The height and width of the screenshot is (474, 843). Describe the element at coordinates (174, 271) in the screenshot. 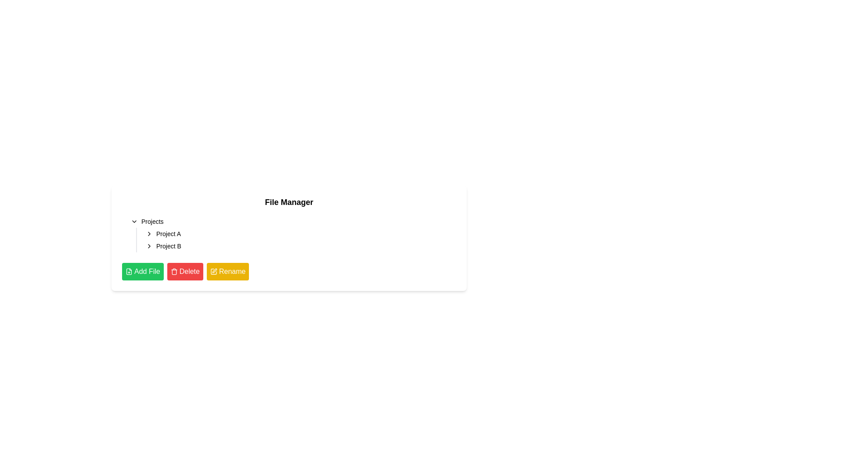

I see `the 'Delete' button which features an SVG icon for deleting files, located between the 'Add File' button and the 'Rename' button at the bottom center of the interface` at that location.